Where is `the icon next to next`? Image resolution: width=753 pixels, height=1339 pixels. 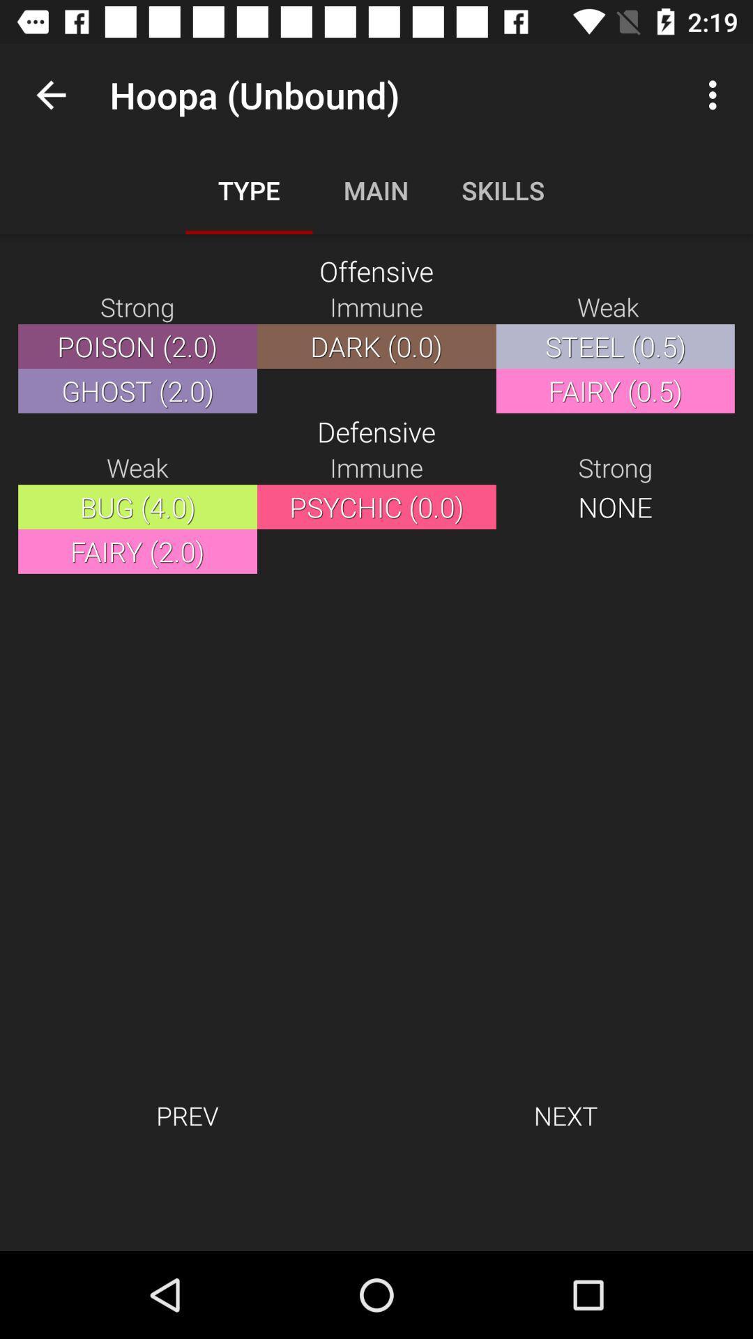 the icon next to next is located at coordinates (186, 1114).